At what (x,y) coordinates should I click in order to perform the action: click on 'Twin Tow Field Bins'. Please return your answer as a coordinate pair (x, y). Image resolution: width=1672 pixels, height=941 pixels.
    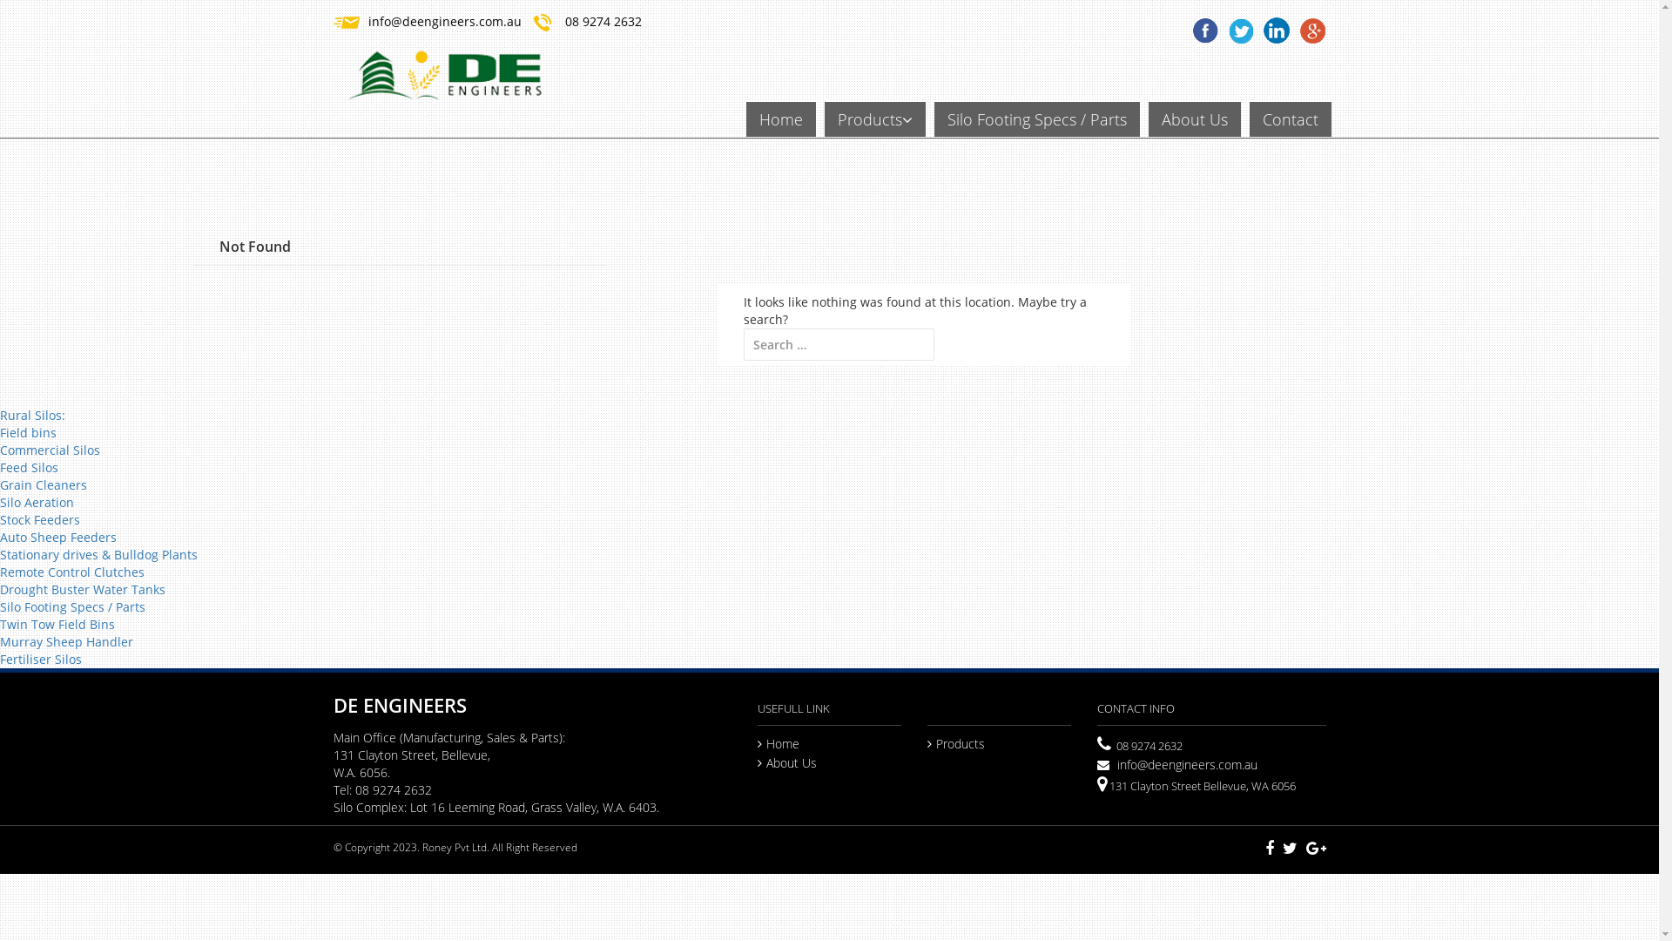
    Looking at the image, I should click on (57, 623).